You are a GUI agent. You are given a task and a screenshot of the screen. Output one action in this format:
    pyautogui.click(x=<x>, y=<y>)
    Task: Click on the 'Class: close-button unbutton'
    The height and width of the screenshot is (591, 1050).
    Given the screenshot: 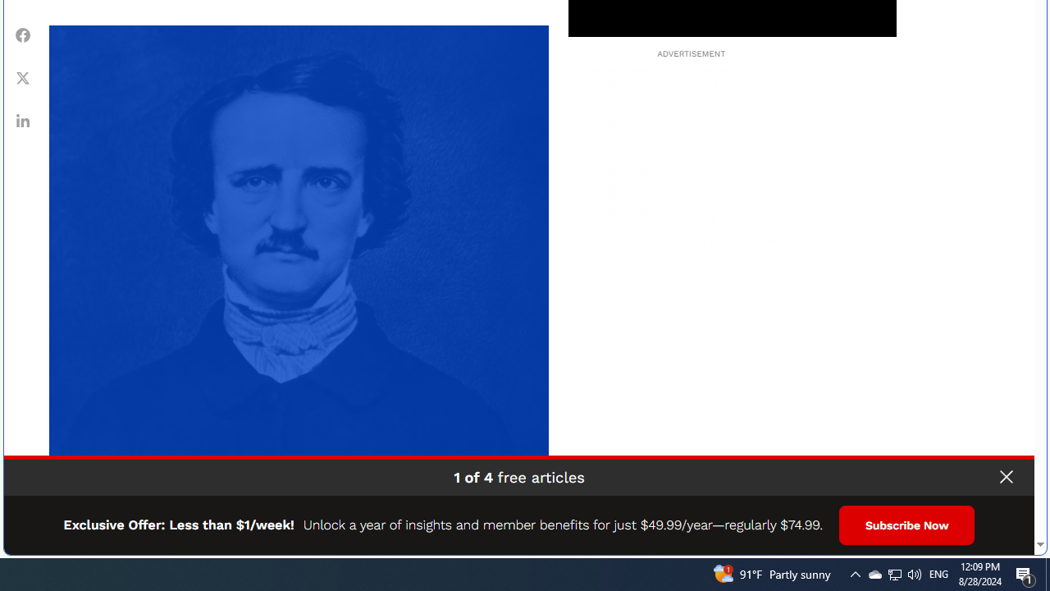 What is the action you would take?
    pyautogui.click(x=1005, y=477)
    